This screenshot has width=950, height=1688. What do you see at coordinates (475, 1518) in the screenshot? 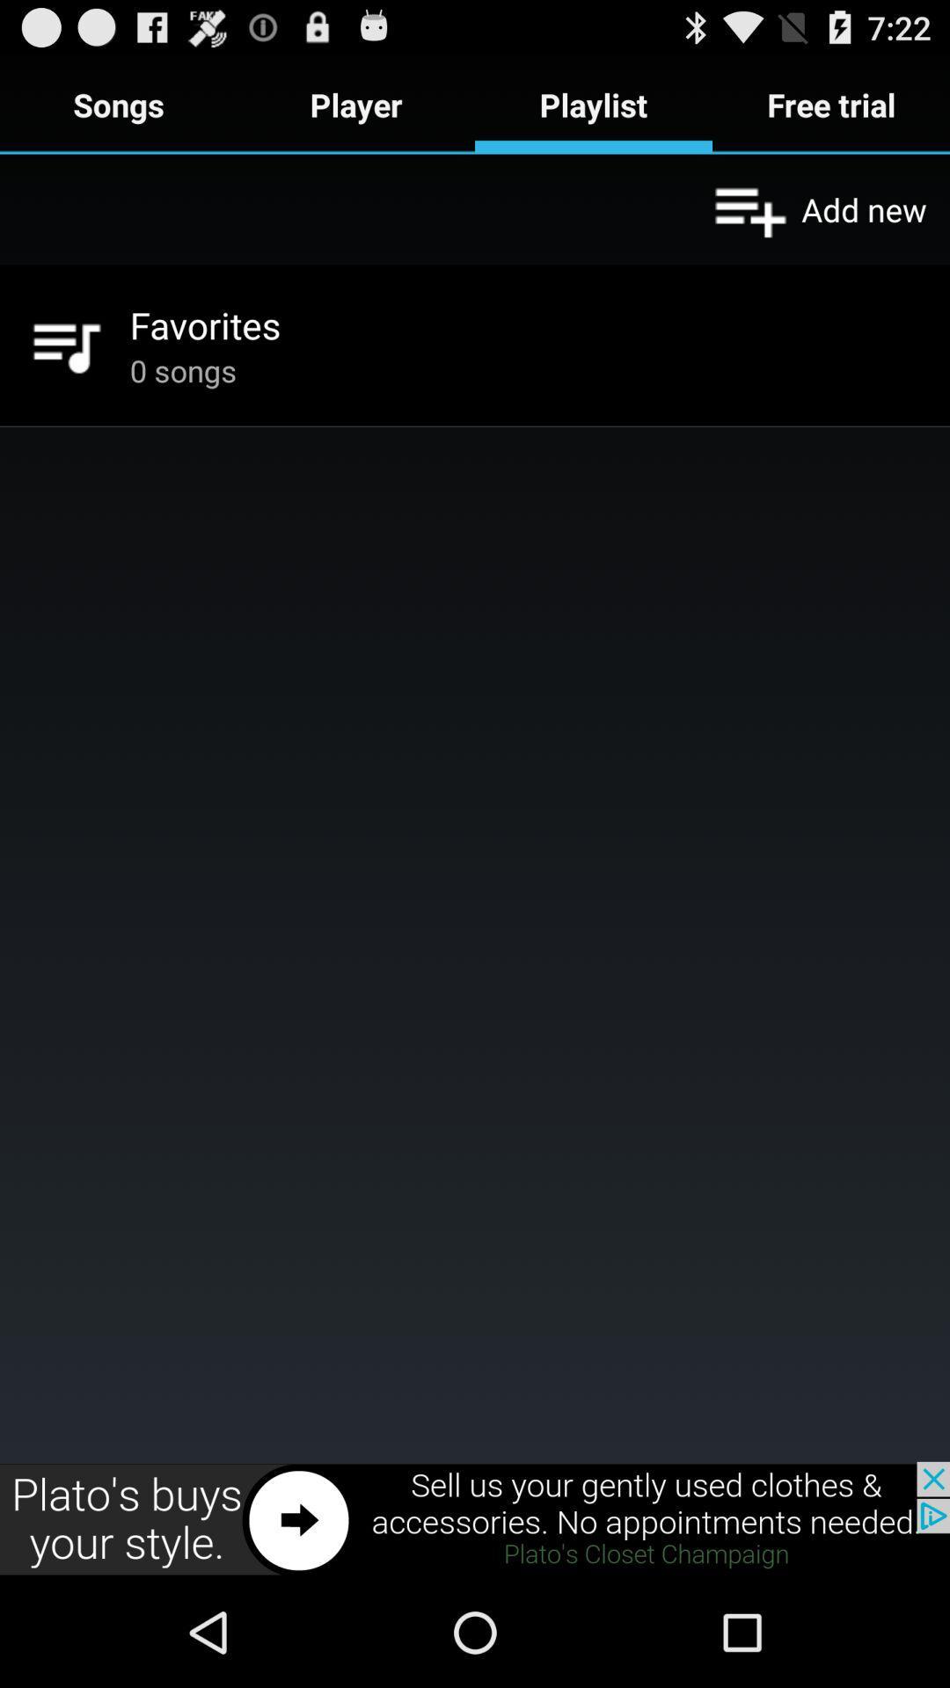
I see `access advertisement` at bounding box center [475, 1518].